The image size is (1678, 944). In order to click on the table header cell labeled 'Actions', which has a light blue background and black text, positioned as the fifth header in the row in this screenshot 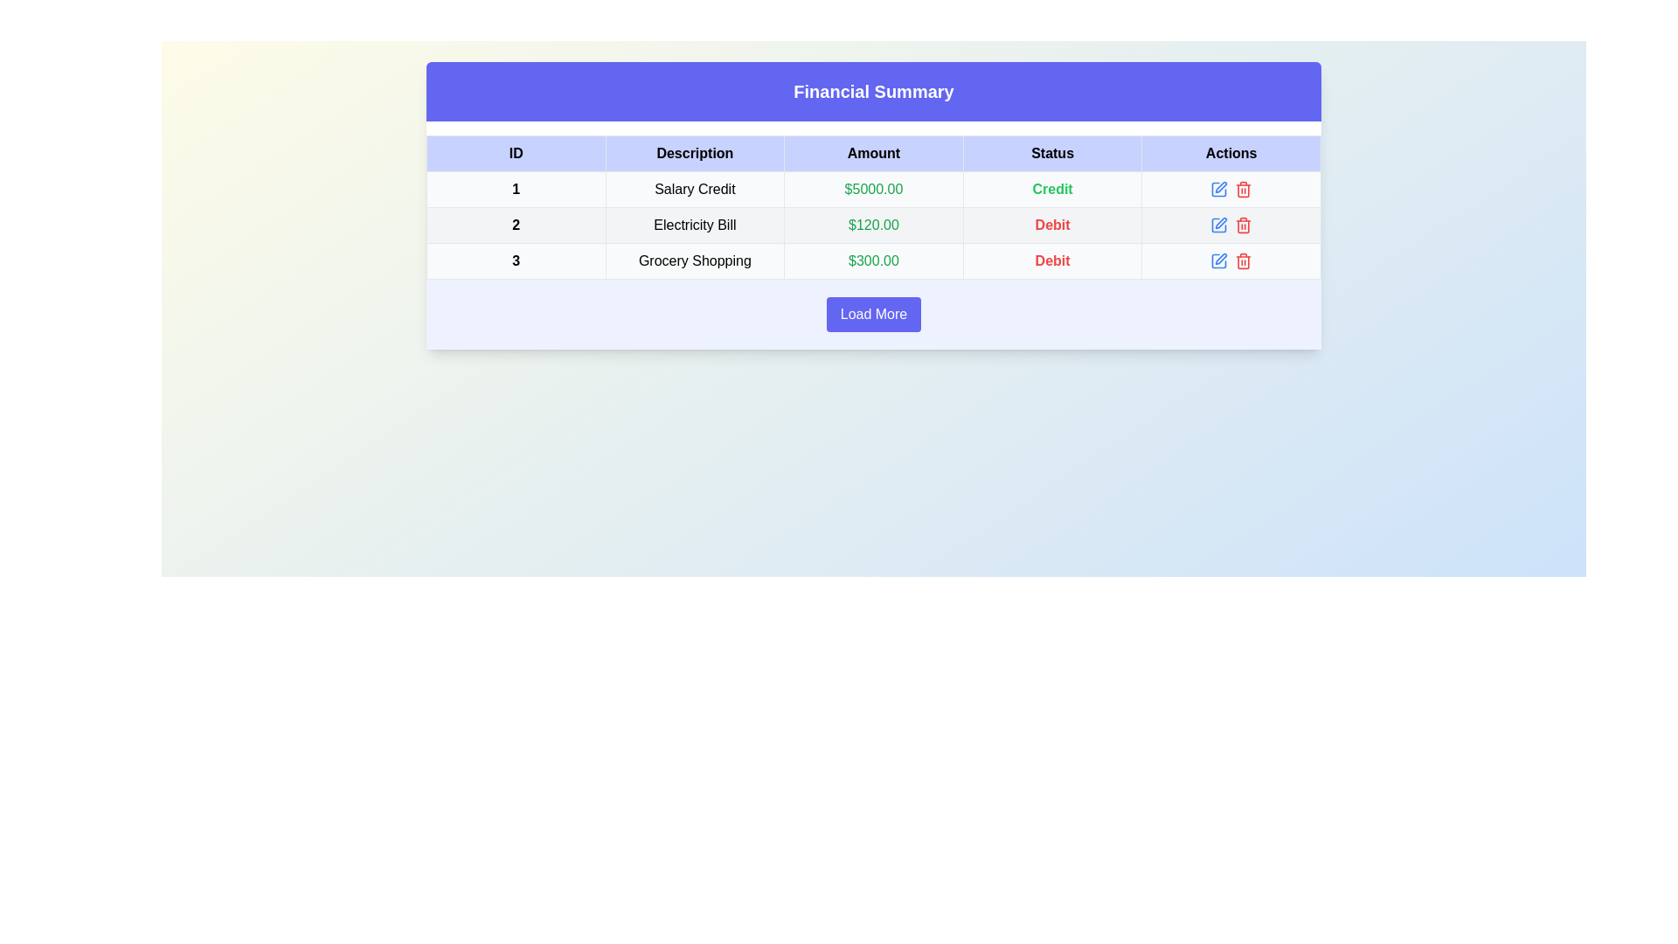, I will do `click(1231, 153)`.